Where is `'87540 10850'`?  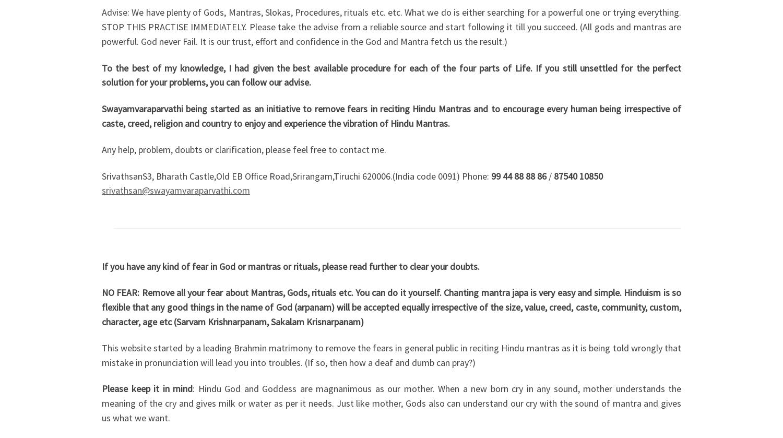
'87540 10850' is located at coordinates (578, 175).